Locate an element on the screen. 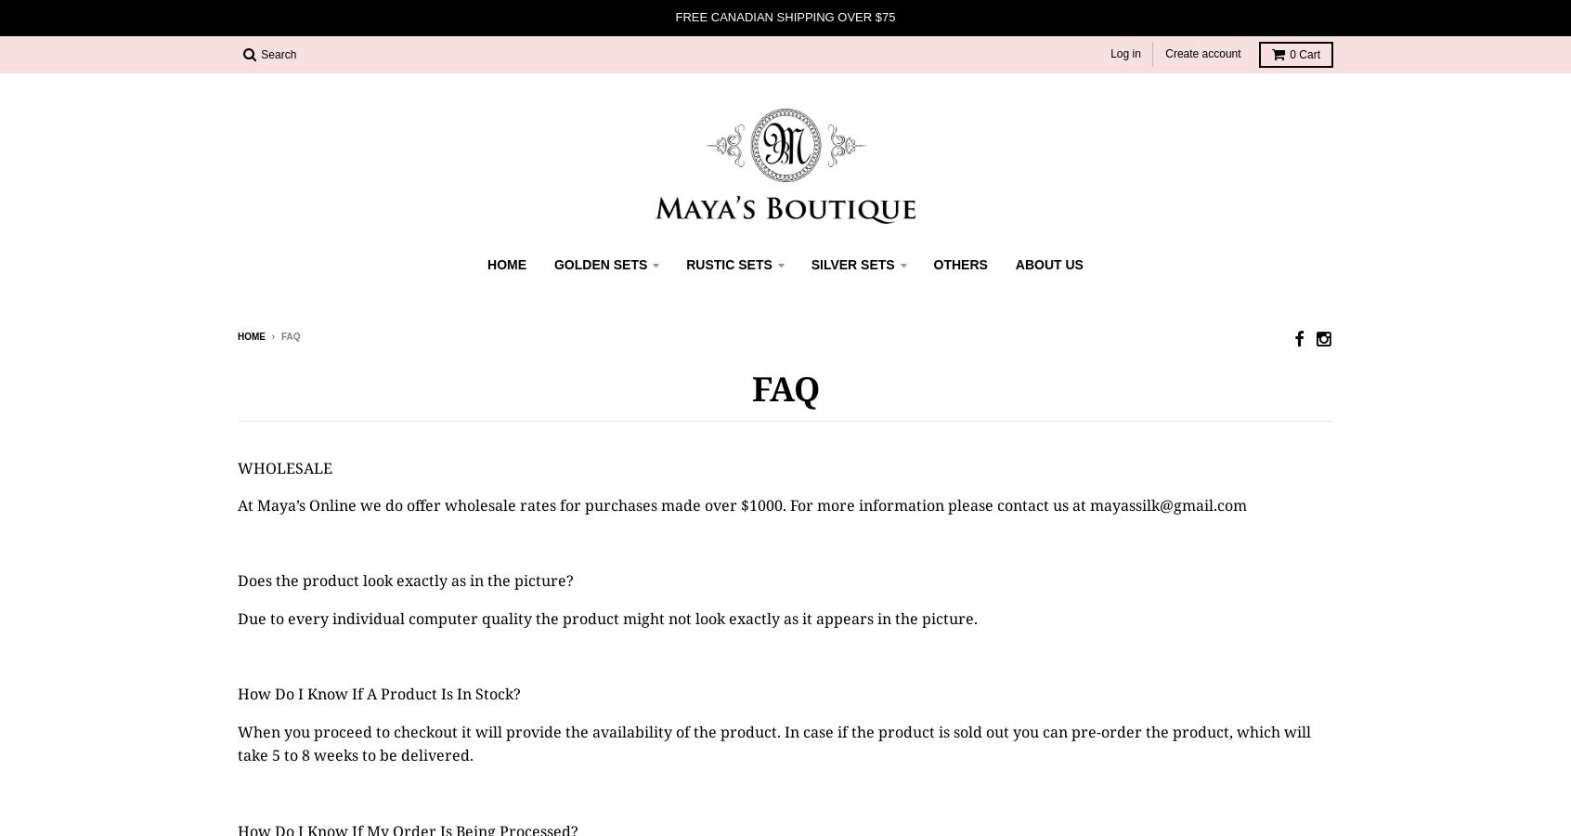 The height and width of the screenshot is (836, 1571). 'Golden Sets' is located at coordinates (600, 264).